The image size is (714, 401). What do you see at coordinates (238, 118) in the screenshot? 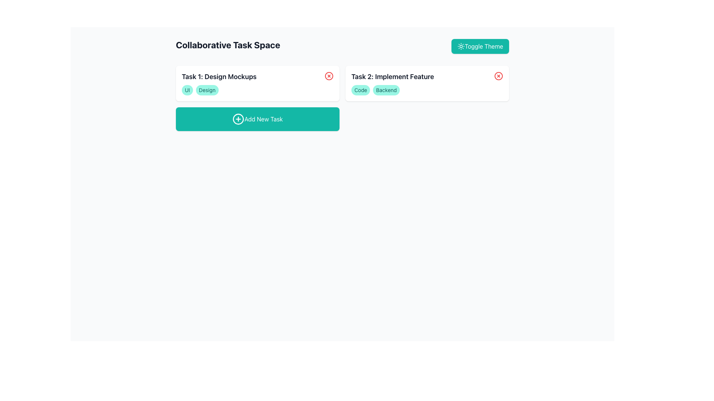
I see `the circular button icon with a '+' symbol, which is part of the 'Add New Task' button, for visual feedback` at bounding box center [238, 118].